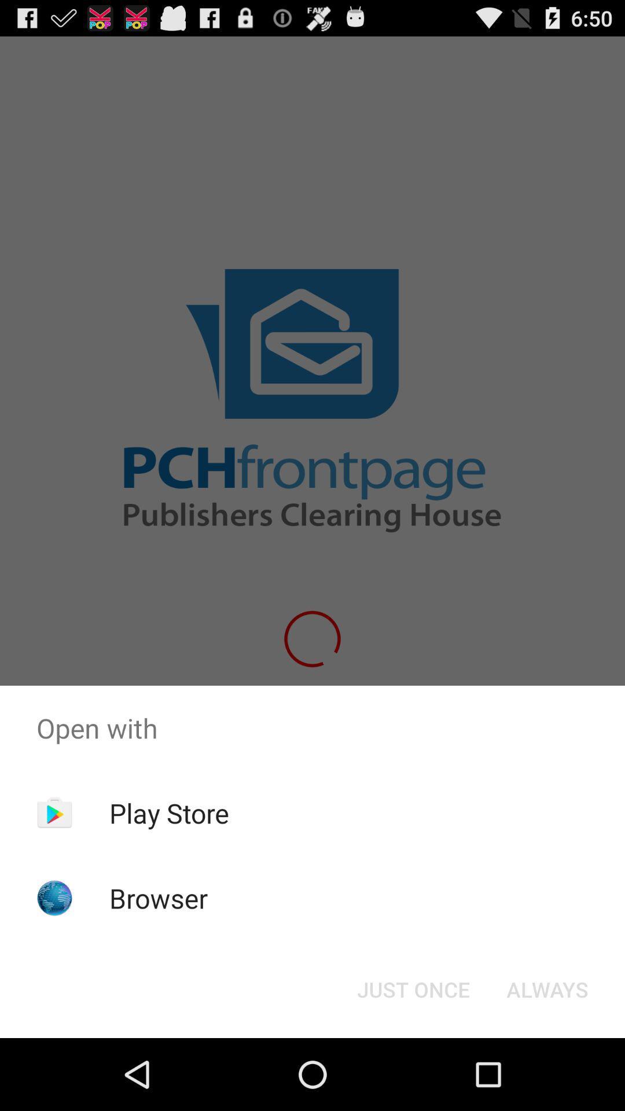 The image size is (625, 1111). What do you see at coordinates (547, 988) in the screenshot?
I see `the item below the open with item` at bounding box center [547, 988].